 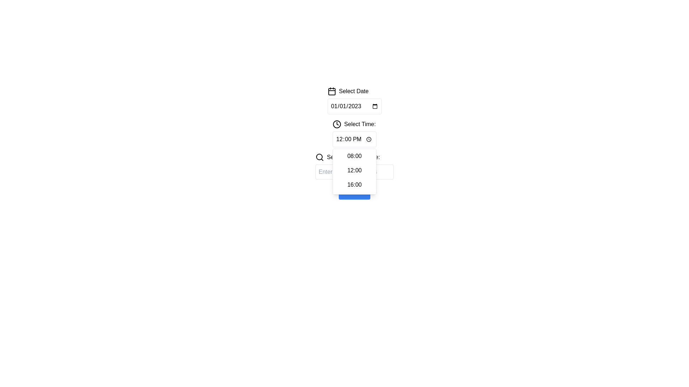 What do you see at coordinates (355, 156) in the screenshot?
I see `to select the first option in the dropdown menu for time selection` at bounding box center [355, 156].